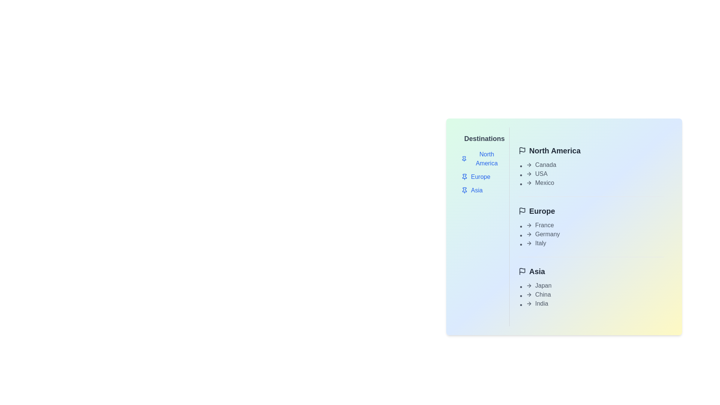  What do you see at coordinates (591, 234) in the screenshot?
I see `the individual country entry in the vertical list of countries (France, Germany, Italy) styled in gray under the 'Europe' section` at bounding box center [591, 234].